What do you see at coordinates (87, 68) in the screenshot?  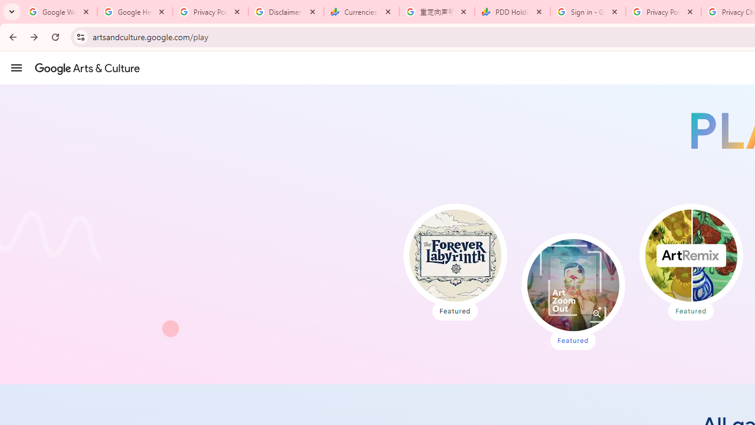 I see `'Google Arts & Culture'` at bounding box center [87, 68].